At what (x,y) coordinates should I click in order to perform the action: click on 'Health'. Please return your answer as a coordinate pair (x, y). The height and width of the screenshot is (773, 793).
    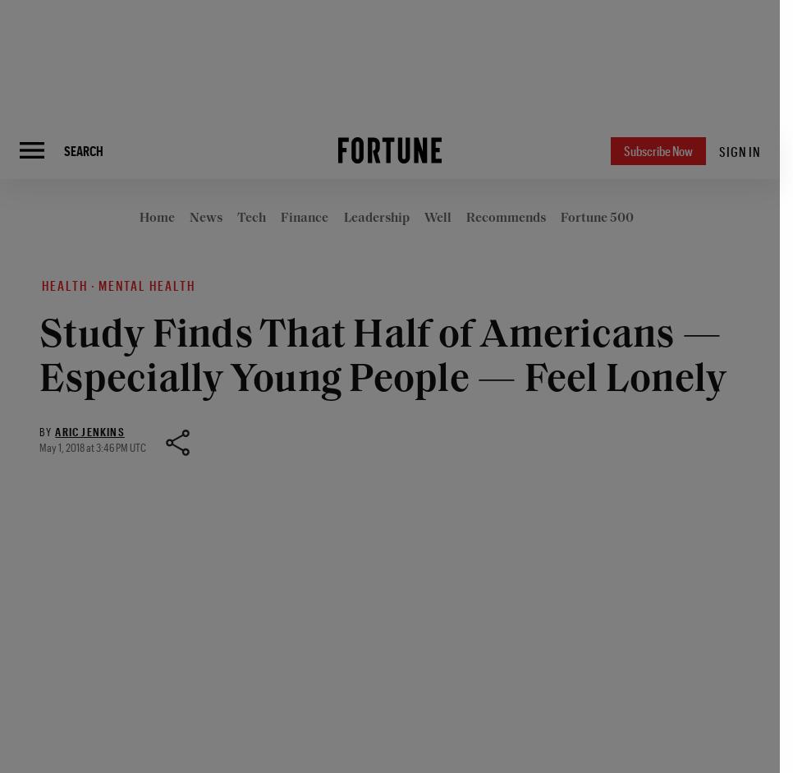
    Looking at the image, I should click on (64, 285).